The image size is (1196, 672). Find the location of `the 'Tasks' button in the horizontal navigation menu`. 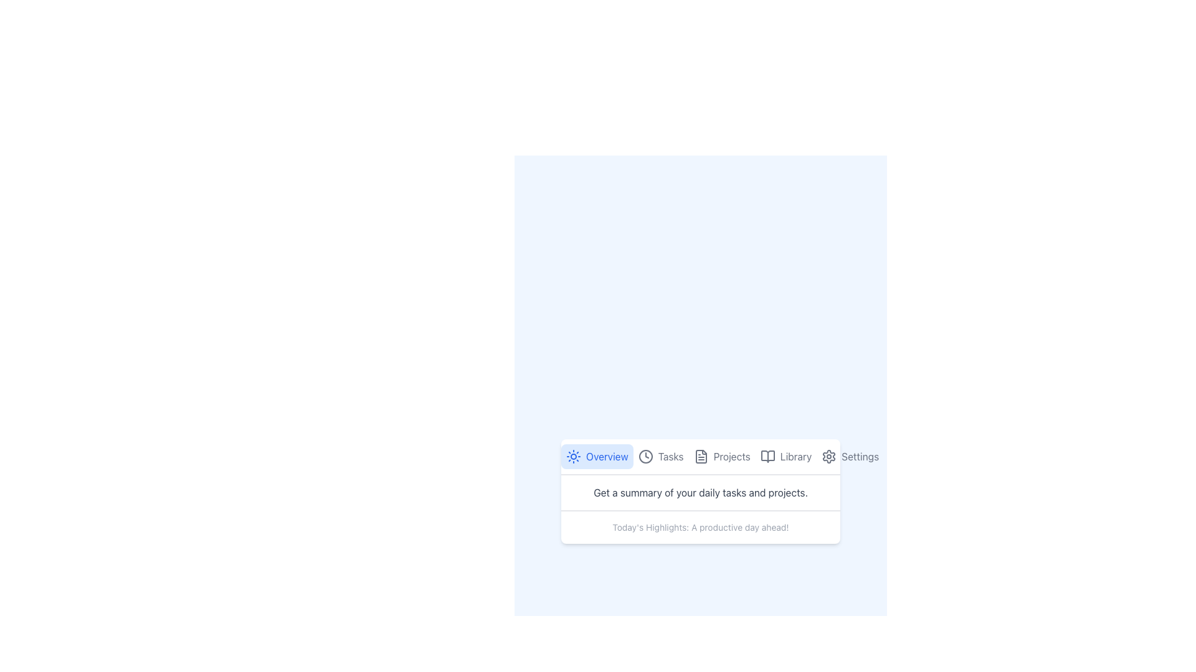

the 'Tasks' button in the horizontal navigation menu is located at coordinates (660, 456).